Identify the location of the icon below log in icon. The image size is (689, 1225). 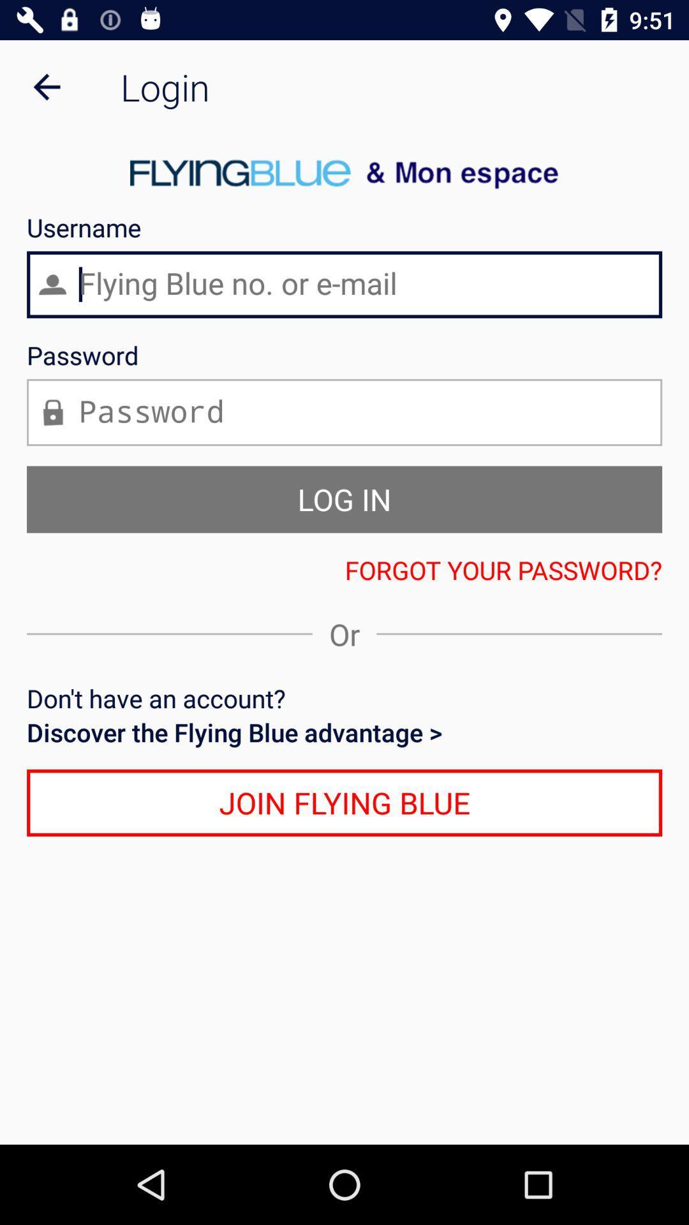
(344, 569).